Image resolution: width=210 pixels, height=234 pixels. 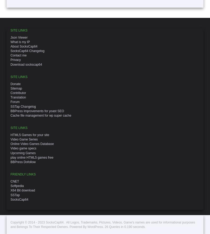 What do you see at coordinates (37, 111) in the screenshot?
I see `'BBPress Improvements for yoast SEO'` at bounding box center [37, 111].